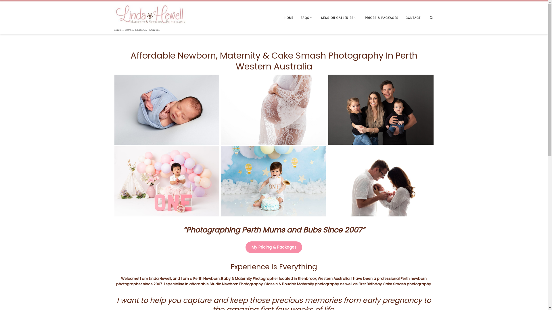 This screenshot has width=552, height=310. What do you see at coordinates (273, 247) in the screenshot?
I see `'My Pricing & Packages'` at bounding box center [273, 247].